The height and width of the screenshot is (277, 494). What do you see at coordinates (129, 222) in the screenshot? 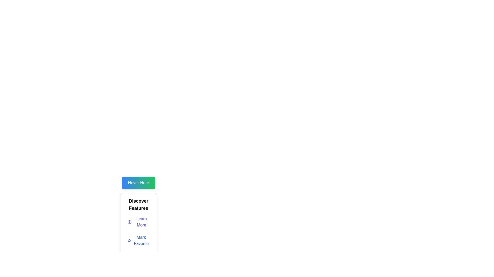
I see `the central circle icon, which serves as a visual representation within the SVG element` at bounding box center [129, 222].